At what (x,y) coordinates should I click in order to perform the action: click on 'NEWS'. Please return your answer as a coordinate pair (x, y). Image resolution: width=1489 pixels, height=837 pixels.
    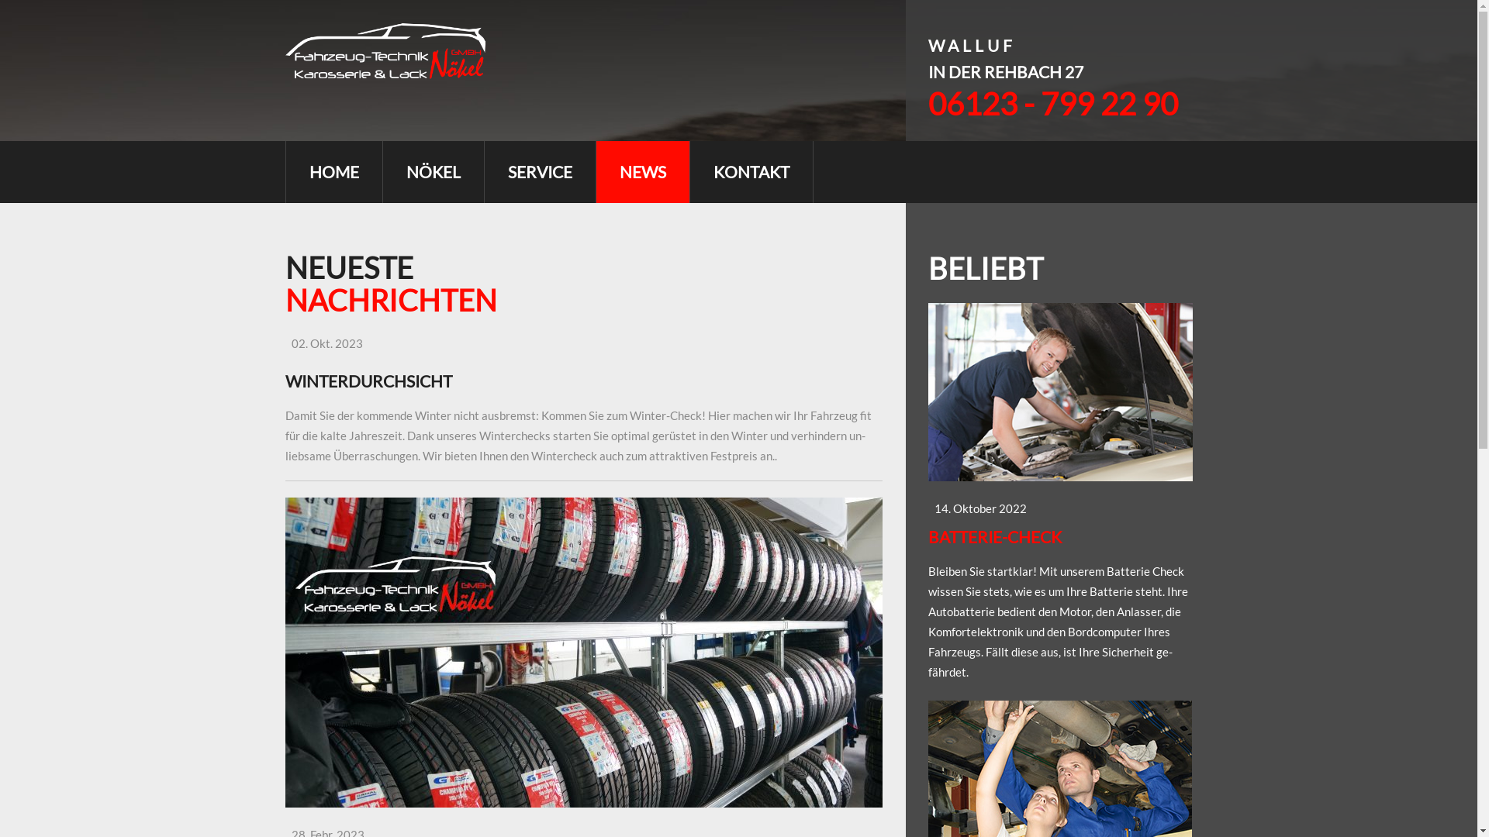
    Looking at the image, I should click on (642, 172).